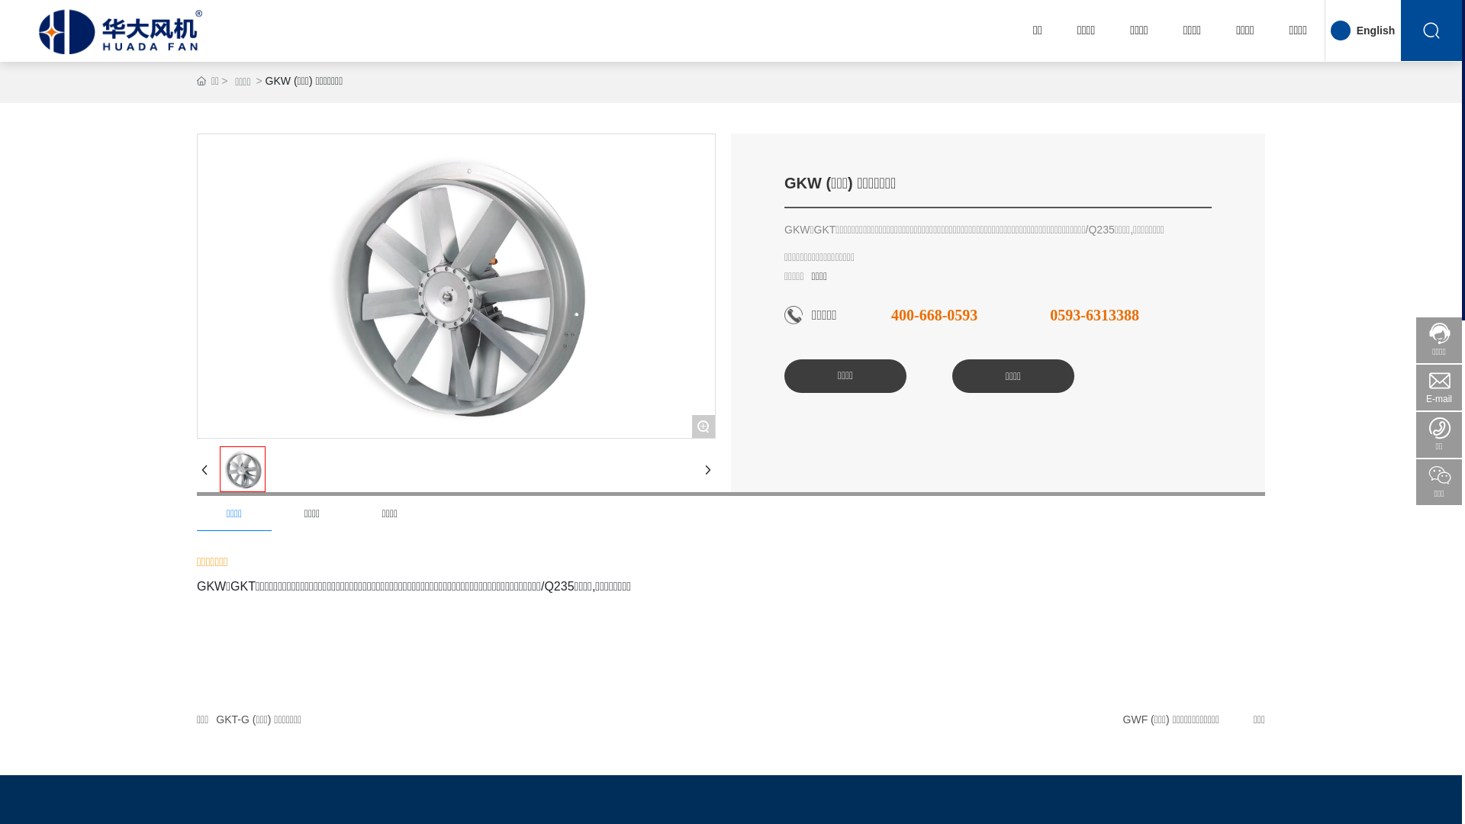  What do you see at coordinates (1093, 314) in the screenshot?
I see `'0593-6313388'` at bounding box center [1093, 314].